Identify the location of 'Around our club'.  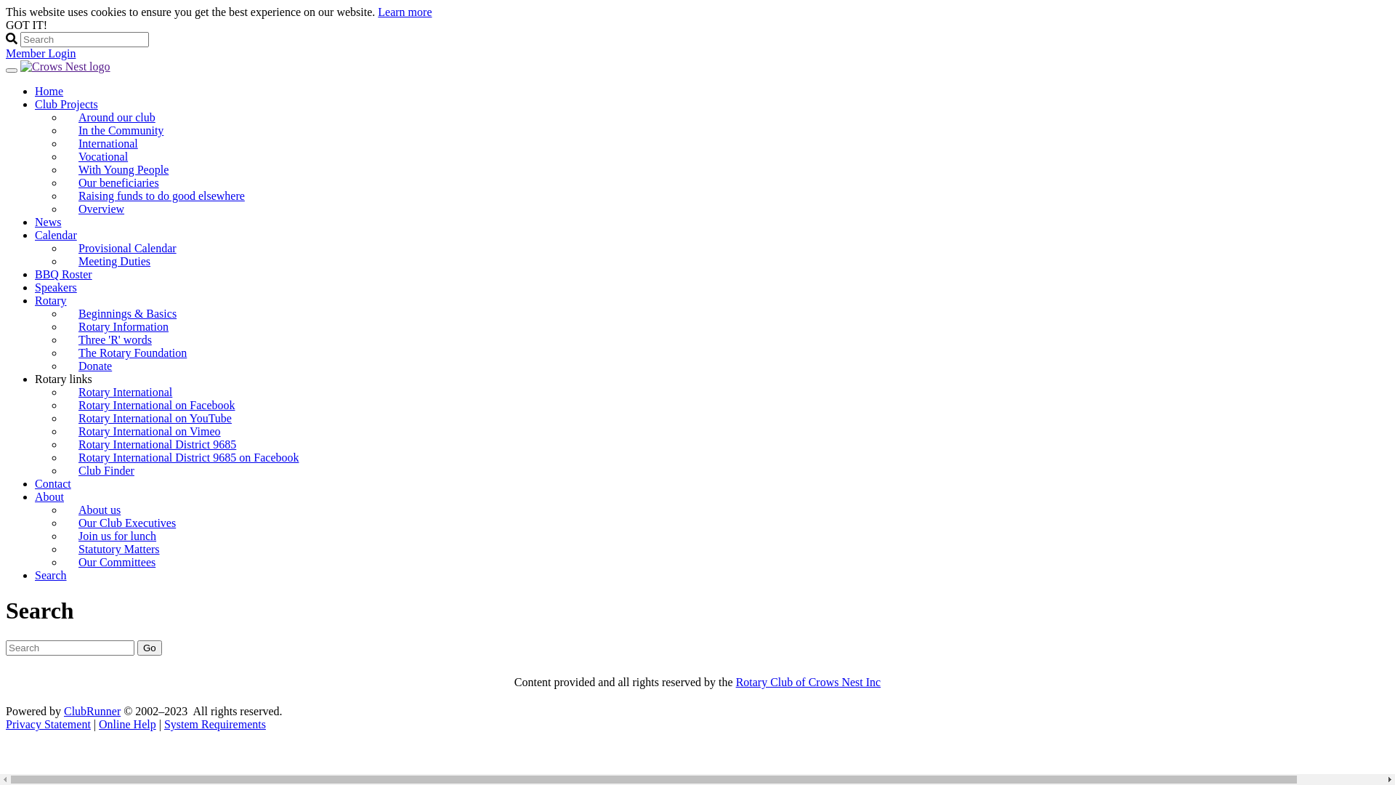
(117, 116).